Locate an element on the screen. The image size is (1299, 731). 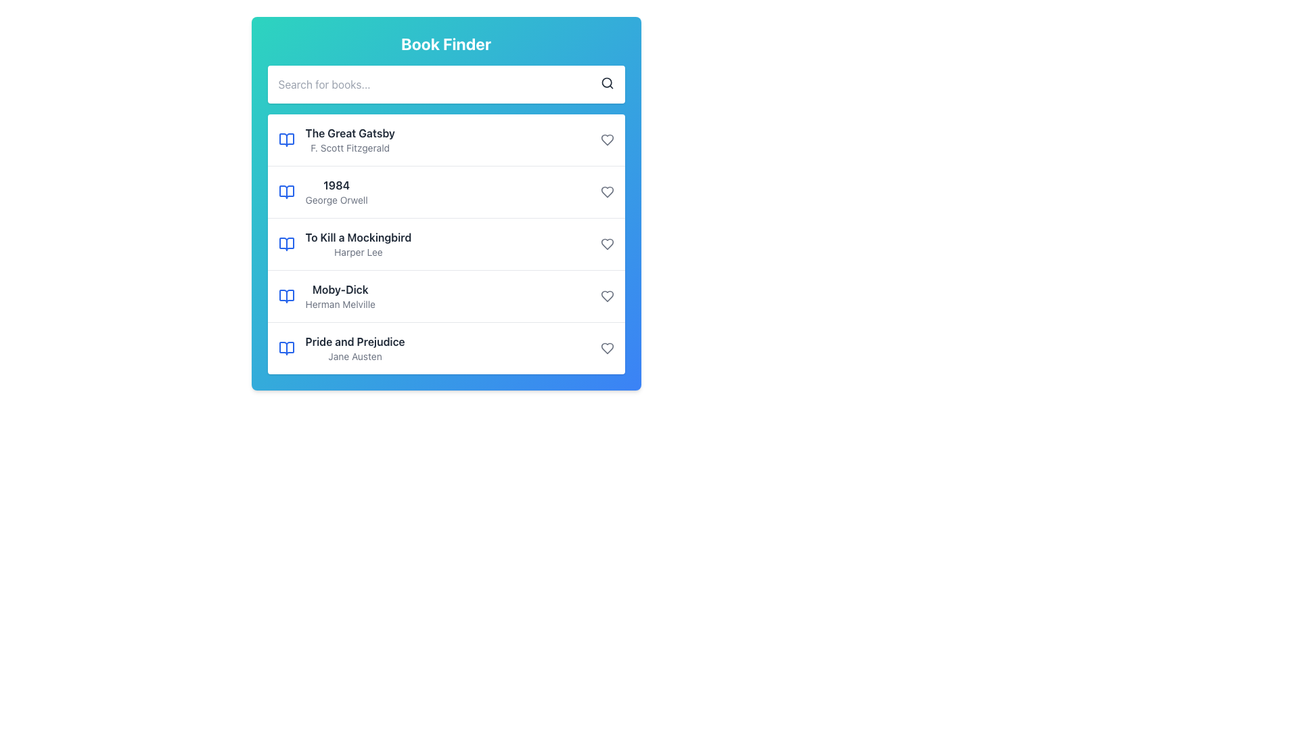
the text label displaying 'Moby-Dick' is located at coordinates (340, 289).